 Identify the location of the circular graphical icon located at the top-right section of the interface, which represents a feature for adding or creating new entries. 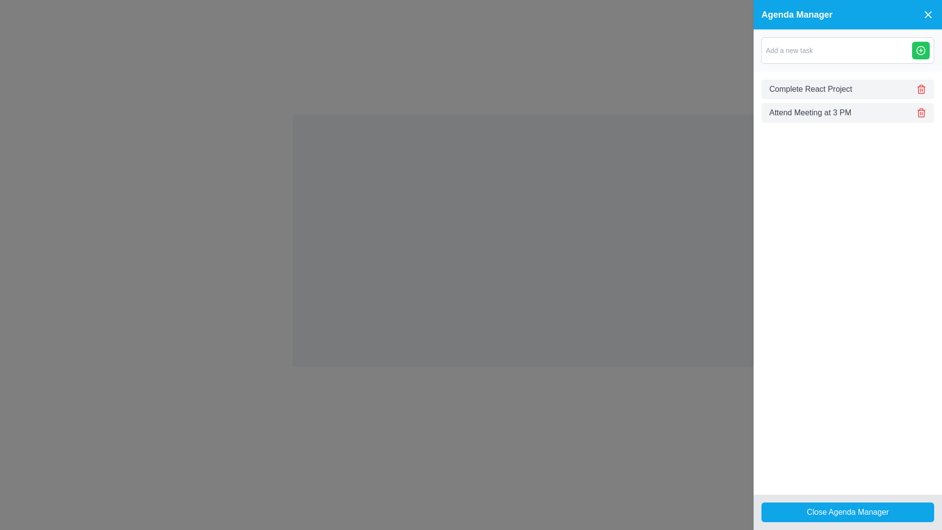
(920, 51).